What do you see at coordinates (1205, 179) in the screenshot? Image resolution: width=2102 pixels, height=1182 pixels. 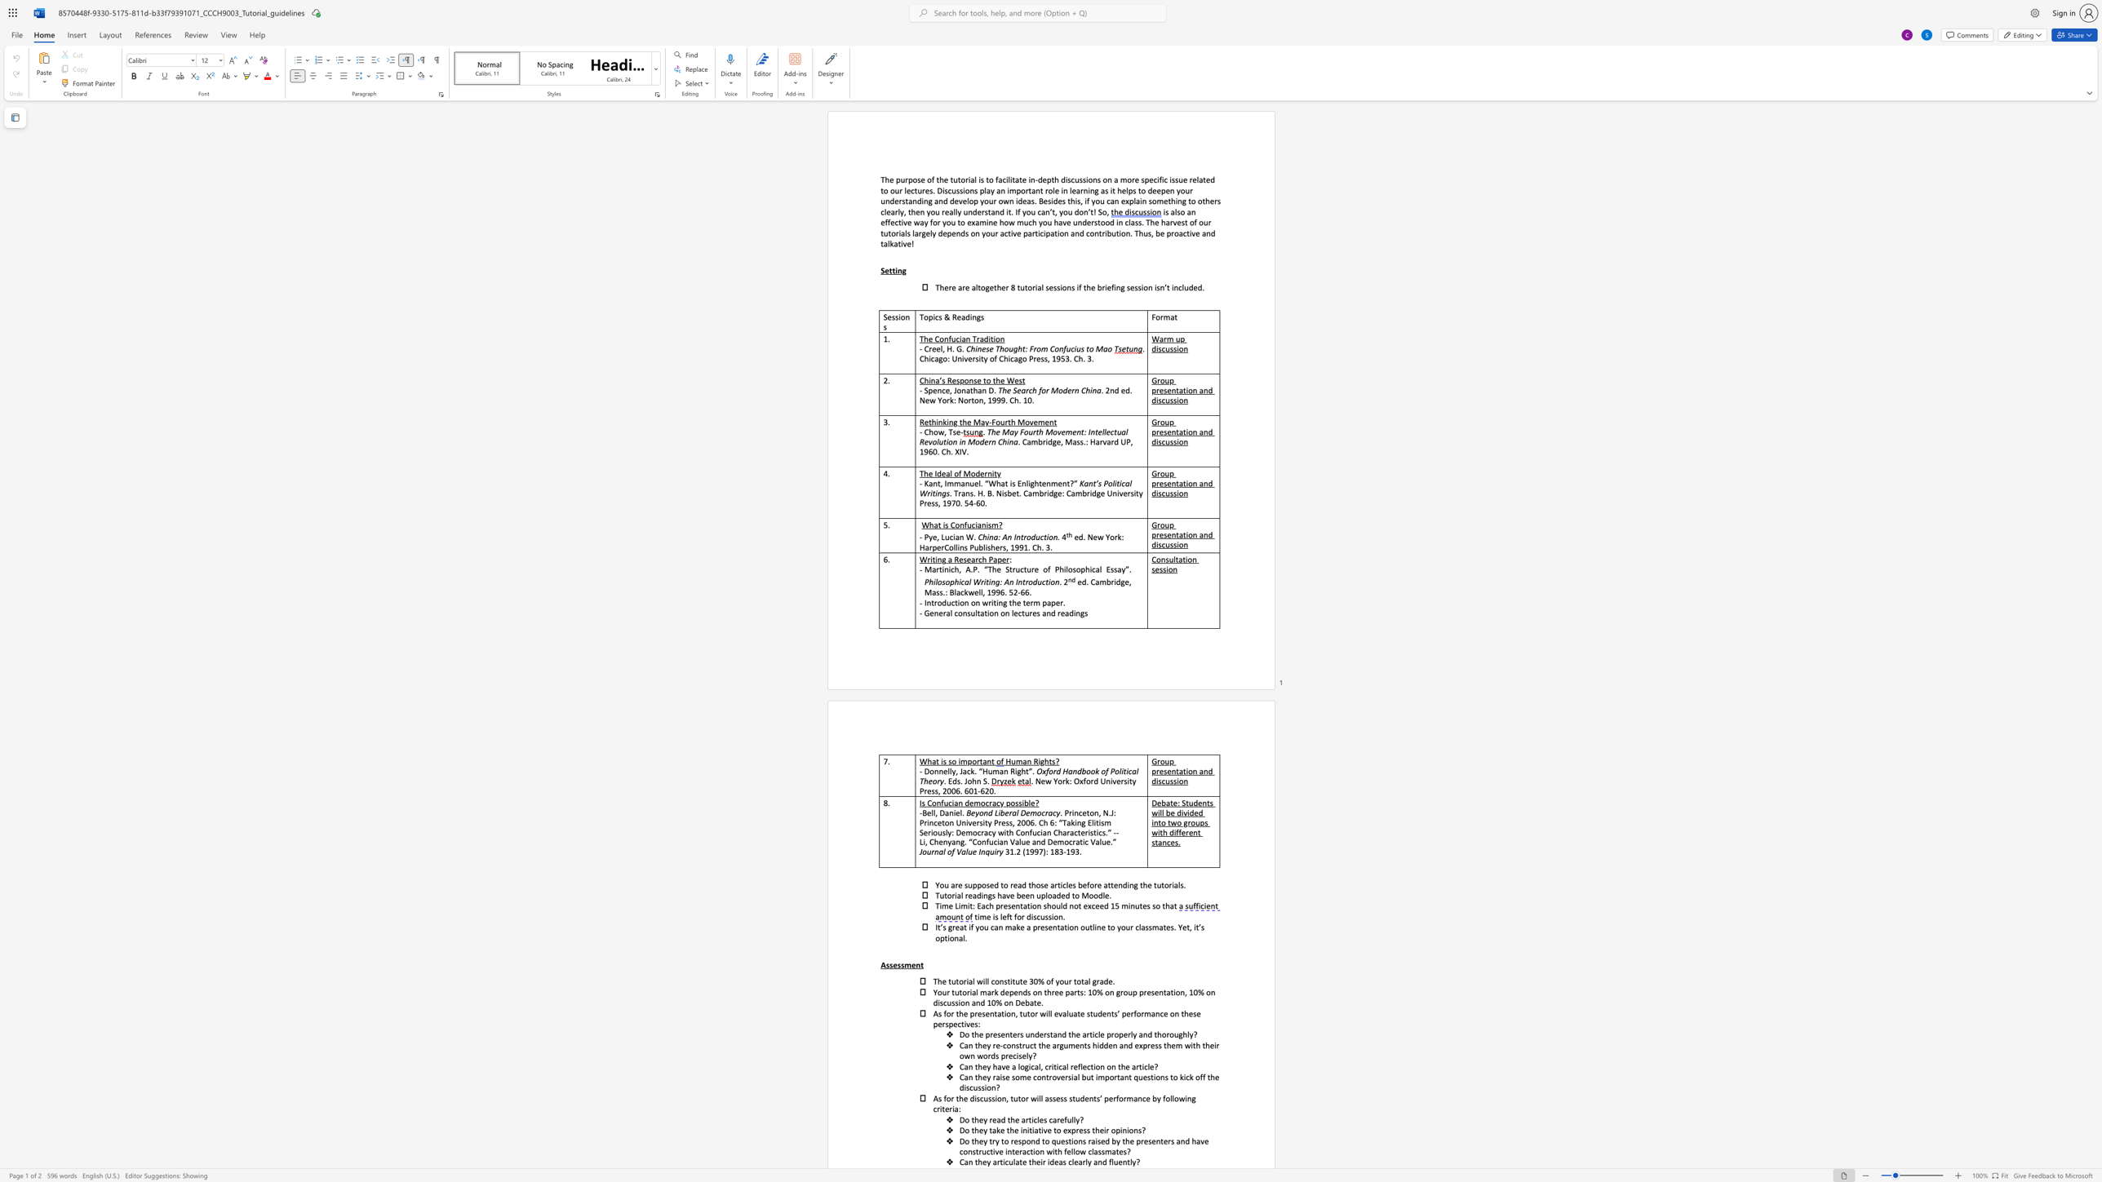 I see `the subset text "ed" within the text "in-depth discussions on a more specific issue related to our lectures. Discussions play"` at bounding box center [1205, 179].